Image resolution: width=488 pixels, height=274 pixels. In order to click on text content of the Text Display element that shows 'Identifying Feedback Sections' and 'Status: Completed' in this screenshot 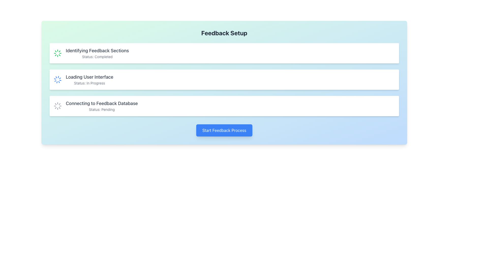, I will do `click(97, 53)`.